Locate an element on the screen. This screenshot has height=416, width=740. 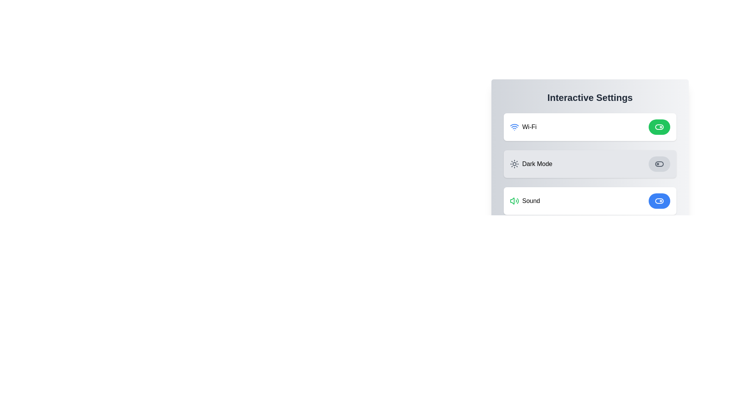
the sound settings icon located at the leftmost position within the 'Sound' setting row of the 'Interactive Settings' section, next to the text 'Sound' is located at coordinates (514, 200).